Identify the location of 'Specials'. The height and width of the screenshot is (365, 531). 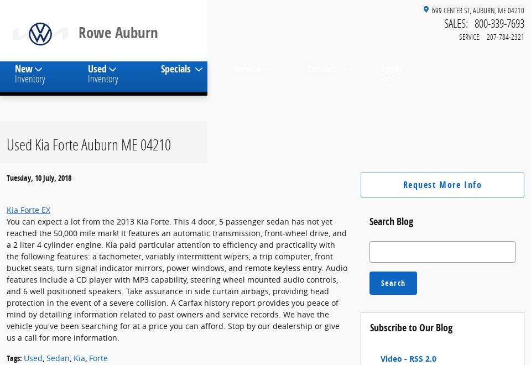
(160, 76).